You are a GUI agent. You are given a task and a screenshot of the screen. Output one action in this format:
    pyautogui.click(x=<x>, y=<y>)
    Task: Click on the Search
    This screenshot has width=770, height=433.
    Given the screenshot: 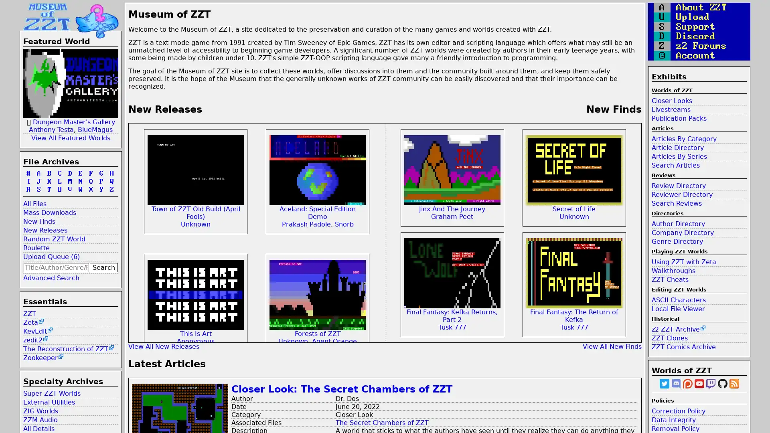 What is the action you would take?
    pyautogui.click(x=103, y=267)
    